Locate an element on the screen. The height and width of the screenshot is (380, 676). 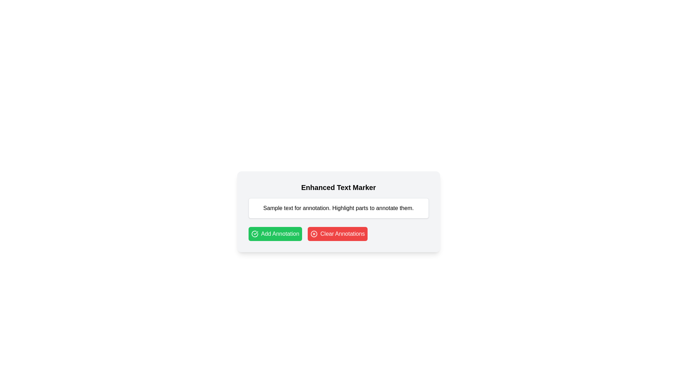
the lowercase letter 'l' in the input box containing the sample text 'Sample text for annotation. Highlight parts to annotate them.' is located at coordinates (278, 208).